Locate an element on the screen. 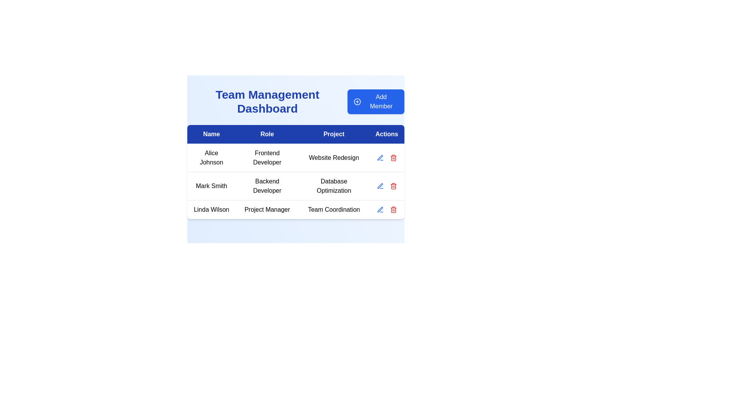 This screenshot has height=418, width=743. the trash icon located in the 'Actions' column is located at coordinates (393, 158).